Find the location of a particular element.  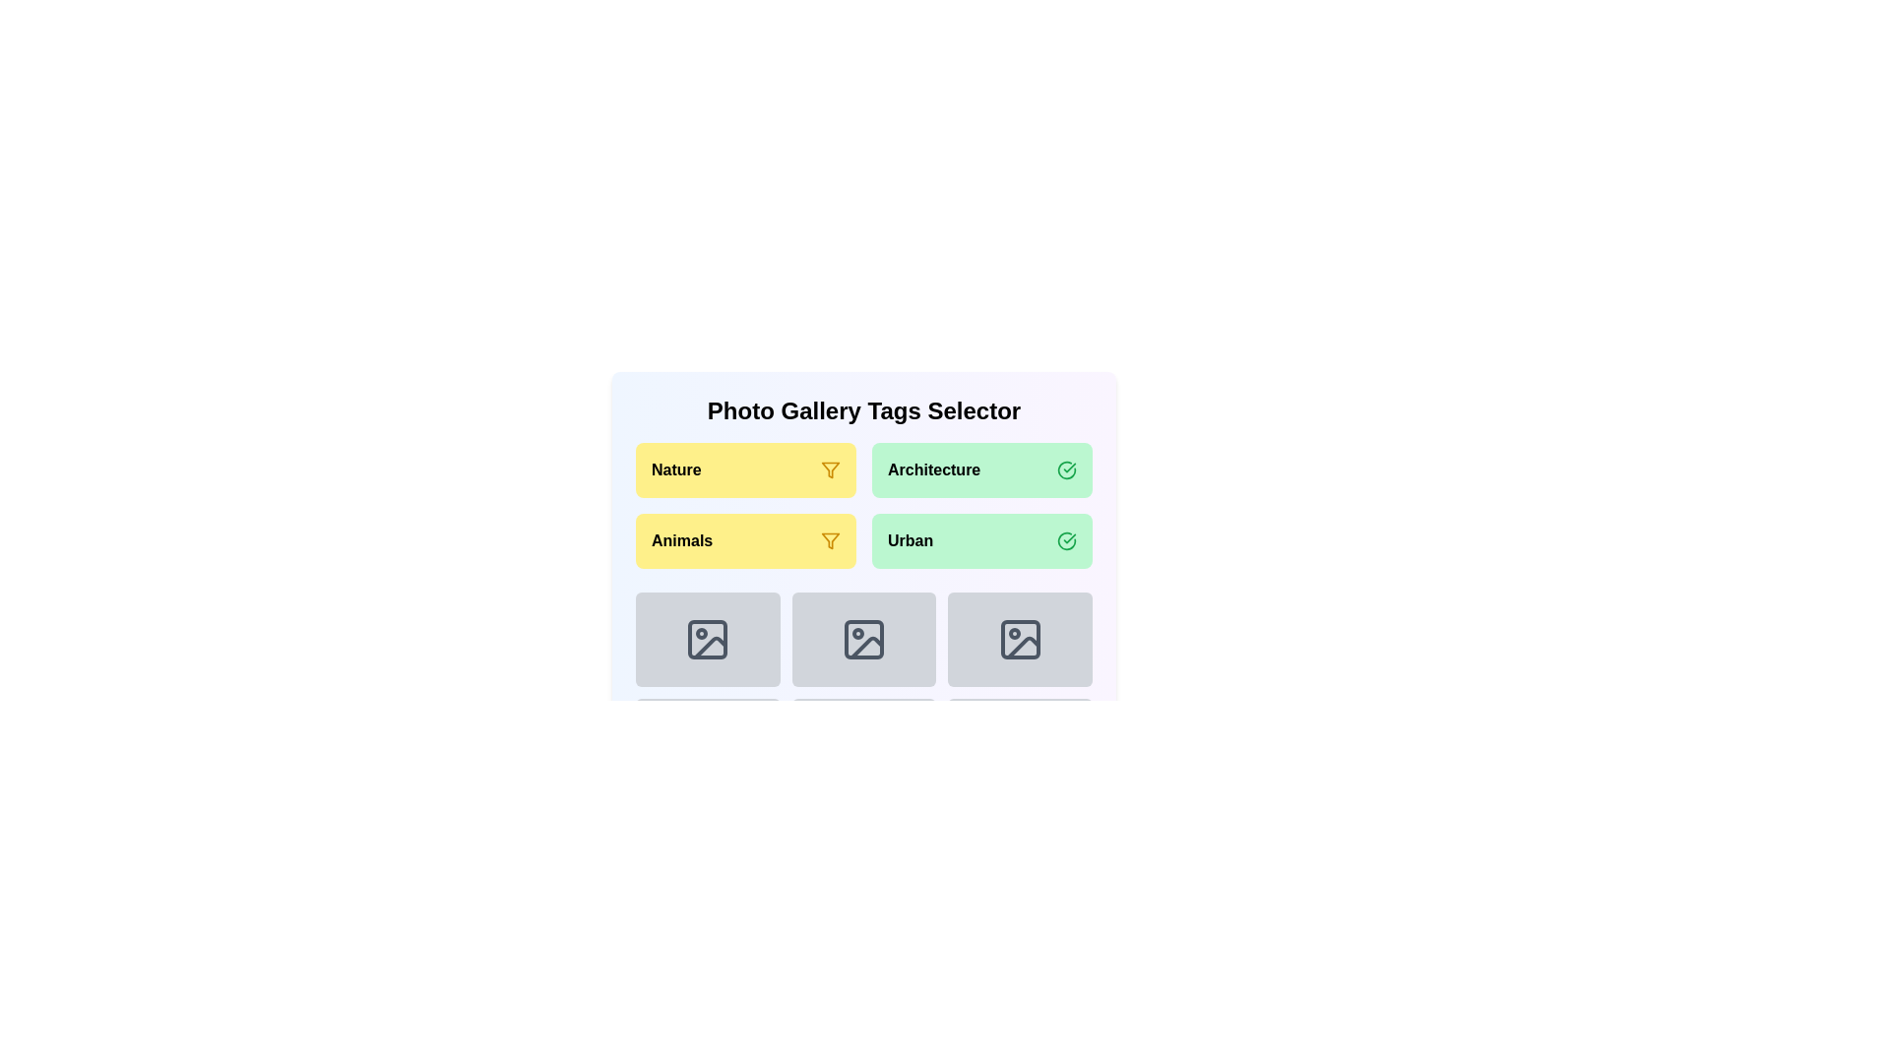

the category Urban by clicking its button is located at coordinates (982, 541).